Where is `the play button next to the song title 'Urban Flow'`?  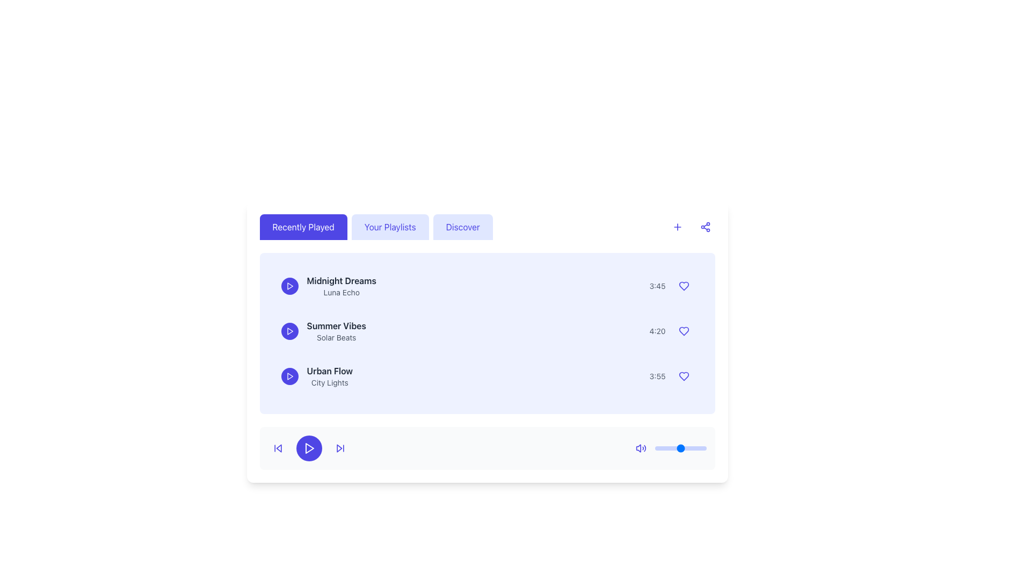
the play button next to the song title 'Urban Flow' is located at coordinates (290, 376).